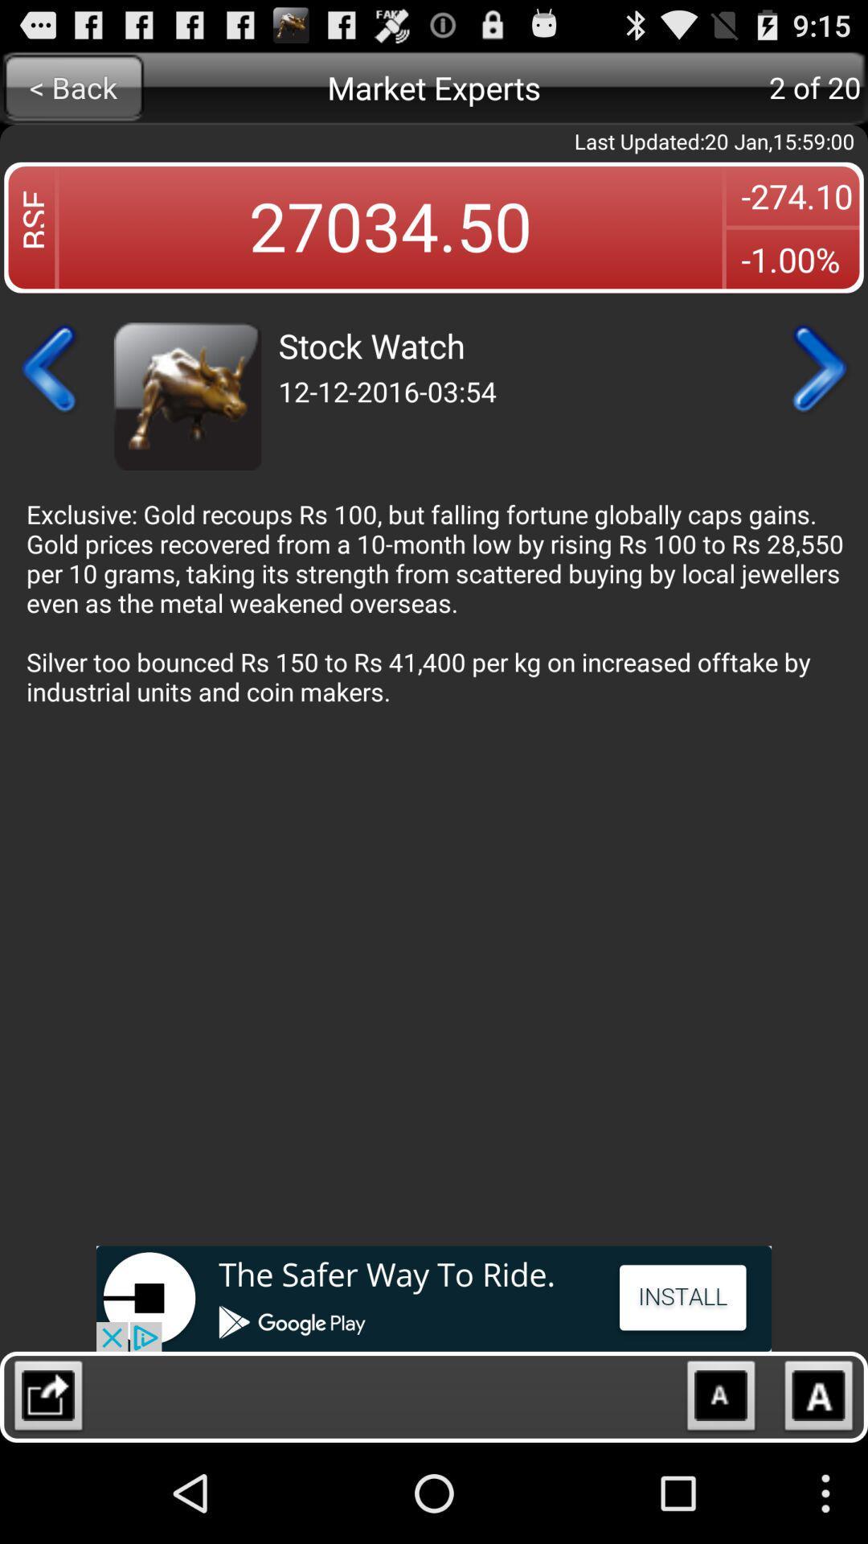  I want to click on the font icon, so click(720, 1497).